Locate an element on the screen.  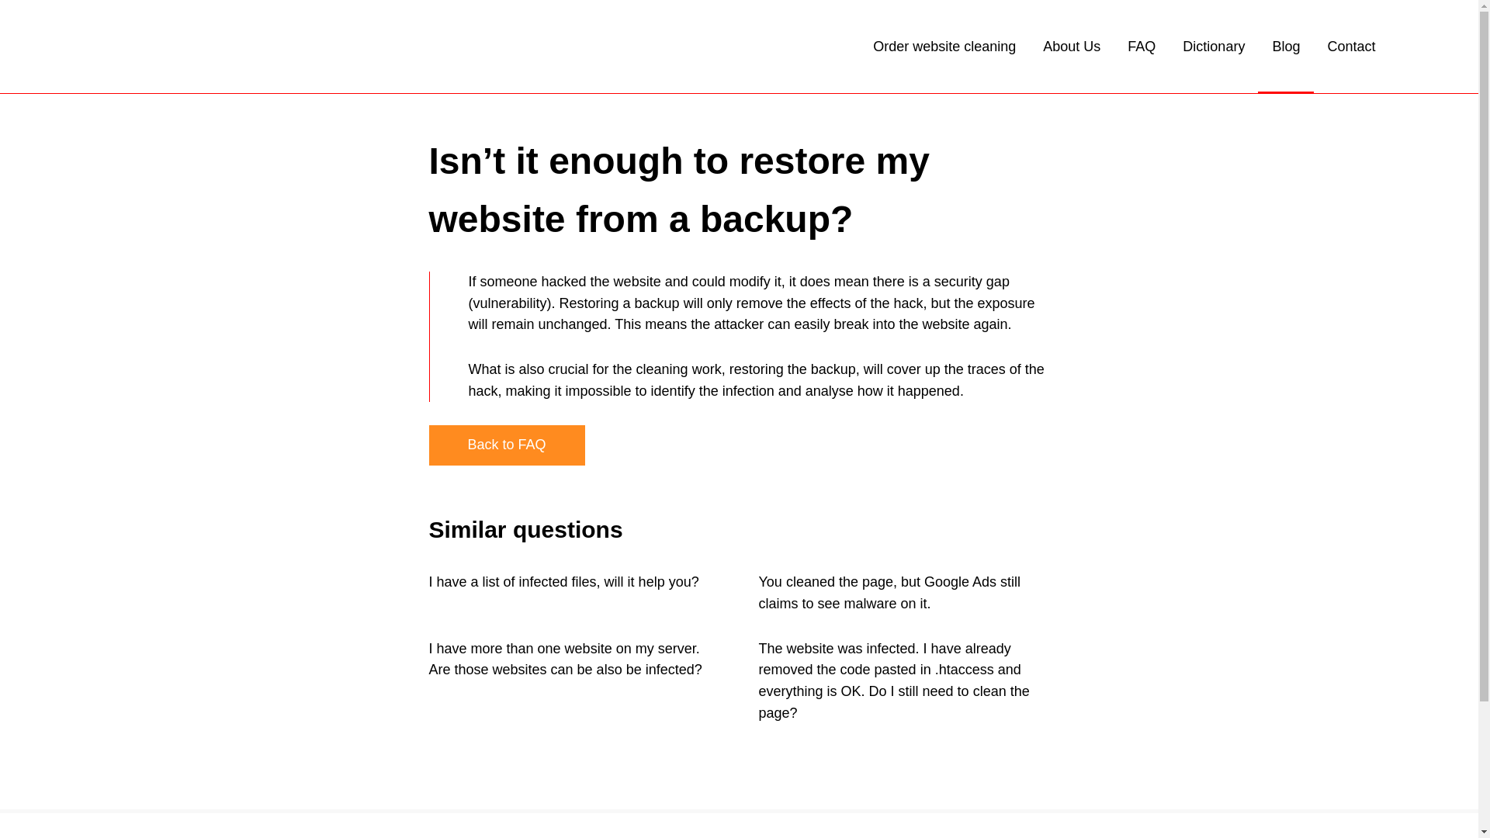
'Contact' is located at coordinates (1350, 46).